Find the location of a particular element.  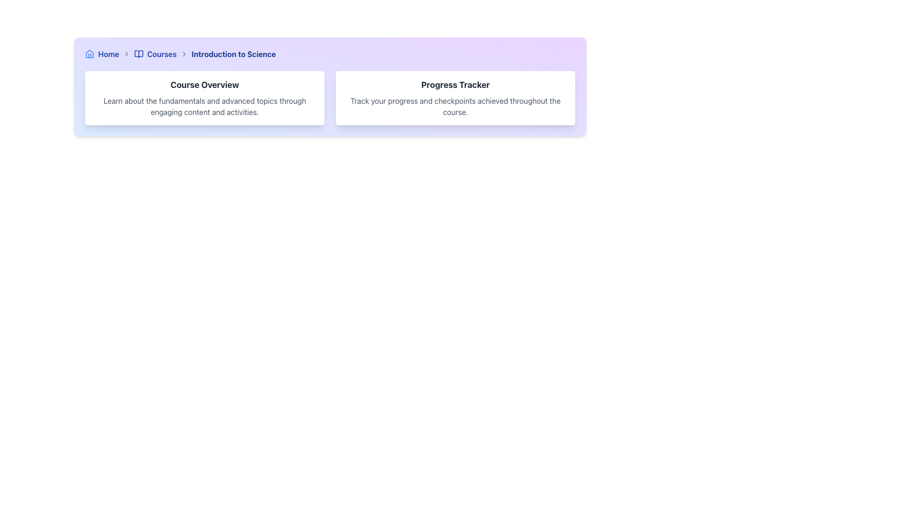

the blue outlined house icon located at the start of the breadcrumb navigation menu is located at coordinates (90, 54).